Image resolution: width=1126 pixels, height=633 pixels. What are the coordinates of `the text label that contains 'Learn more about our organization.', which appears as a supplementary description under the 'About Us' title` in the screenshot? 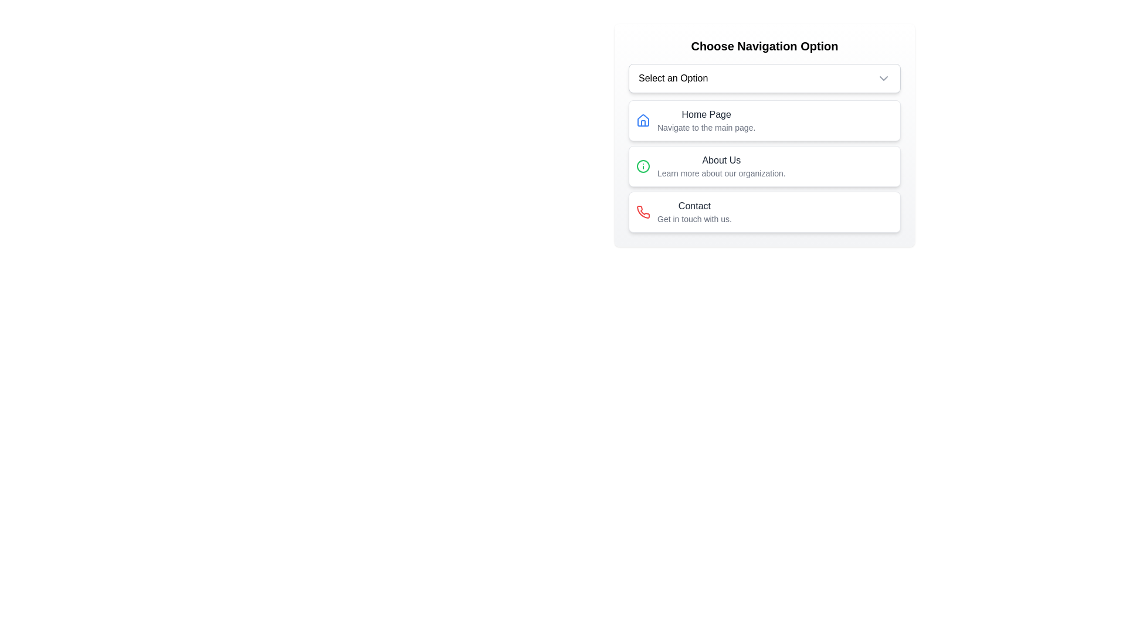 It's located at (721, 173).